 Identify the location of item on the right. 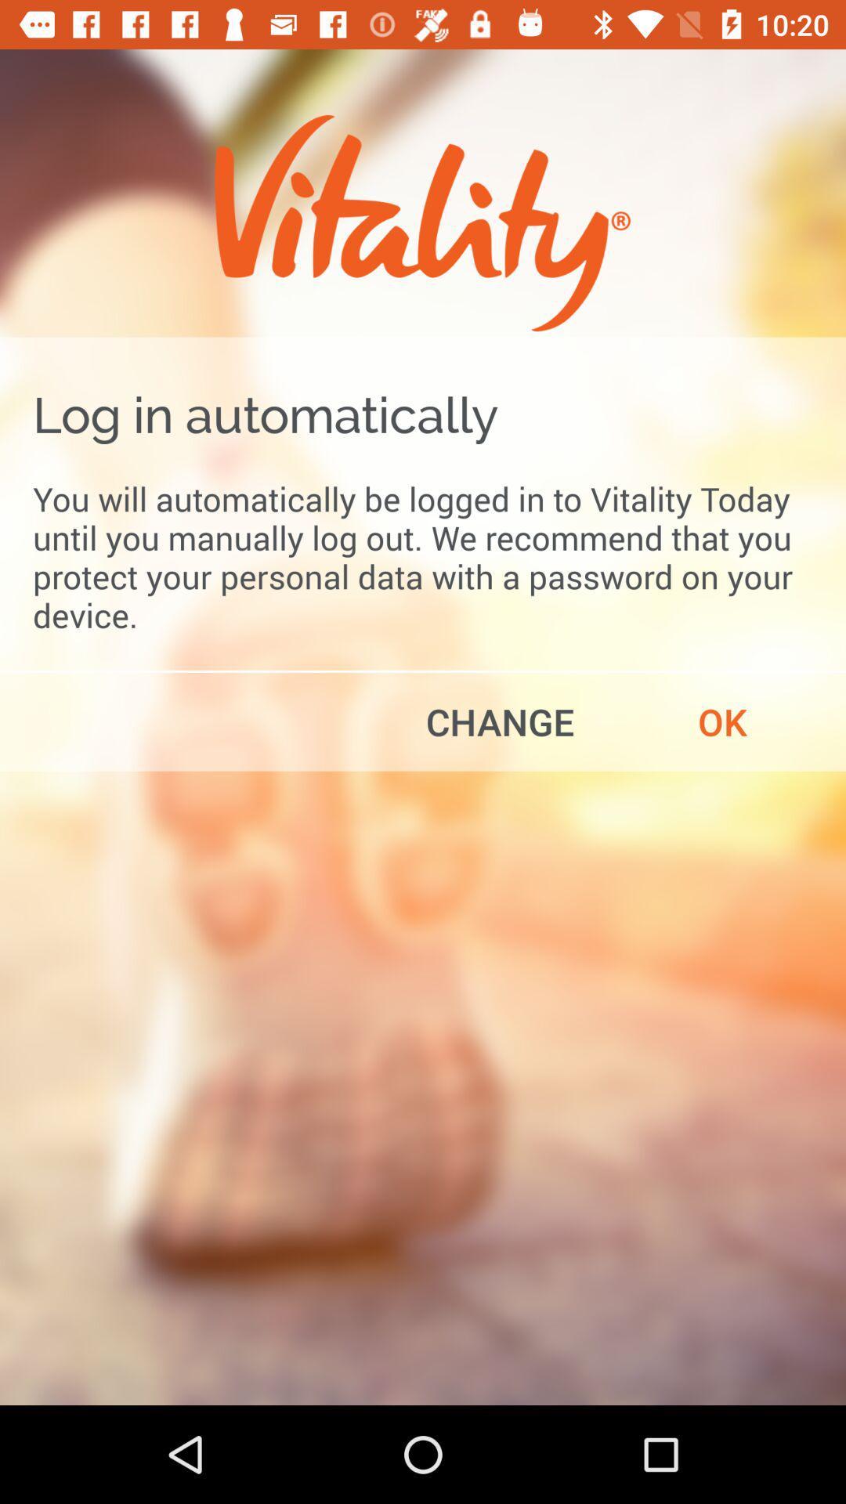
(722, 721).